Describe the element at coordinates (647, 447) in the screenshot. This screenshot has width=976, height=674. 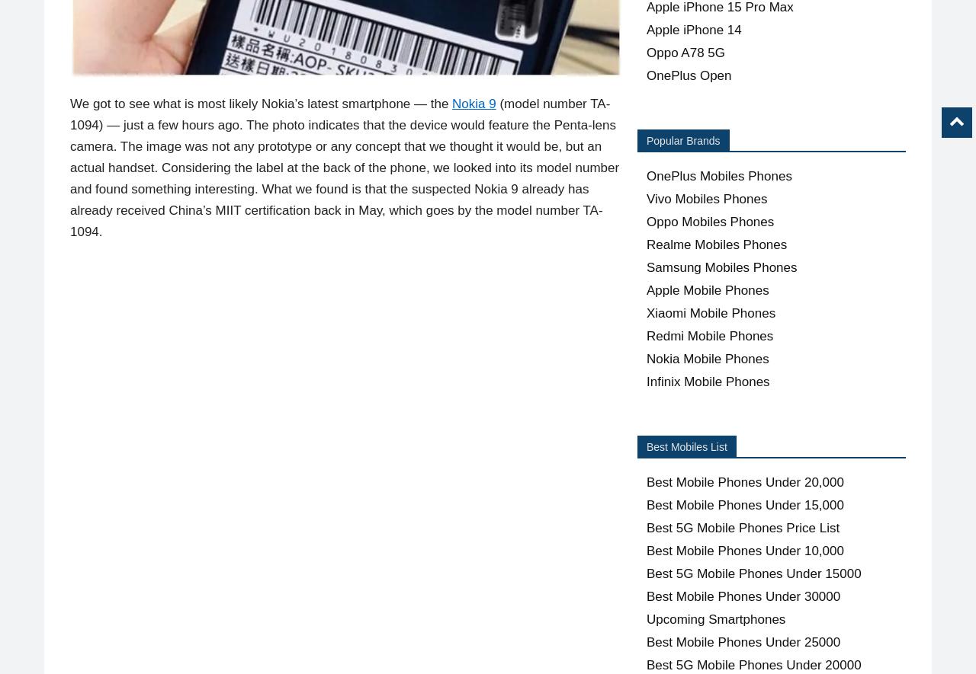
I see `'Best Mobiles List'` at that location.